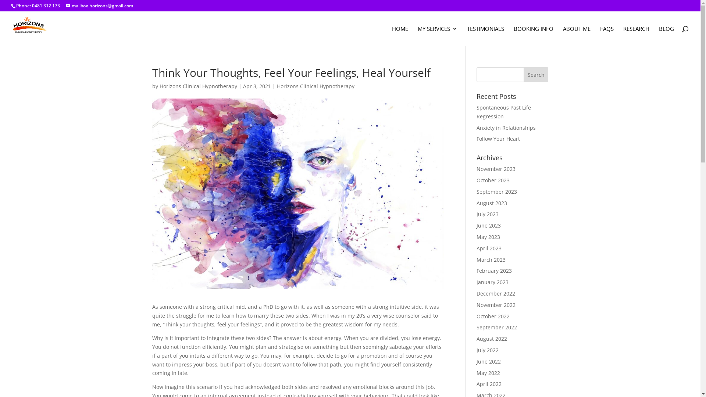  What do you see at coordinates (498, 139) in the screenshot?
I see `'Follow Your Heart'` at bounding box center [498, 139].